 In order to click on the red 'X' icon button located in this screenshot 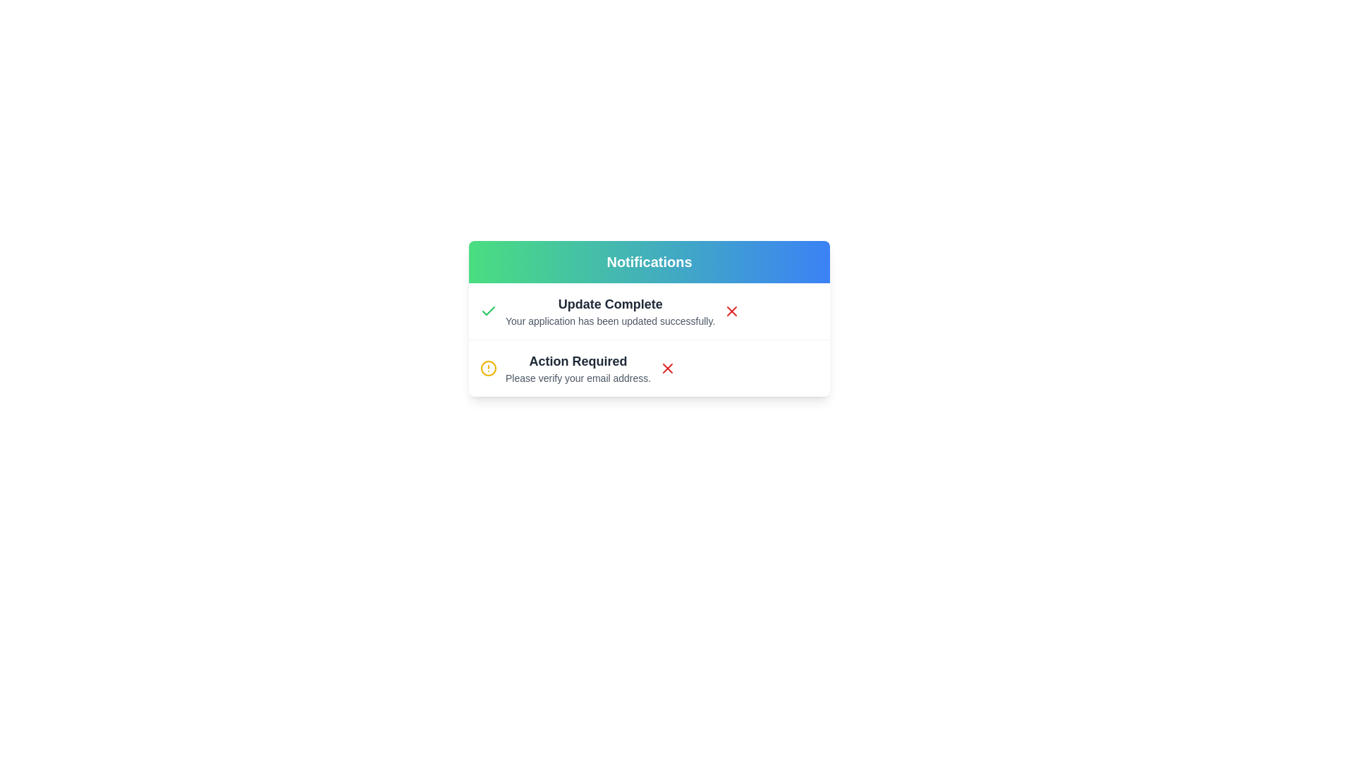, I will do `click(666, 368)`.